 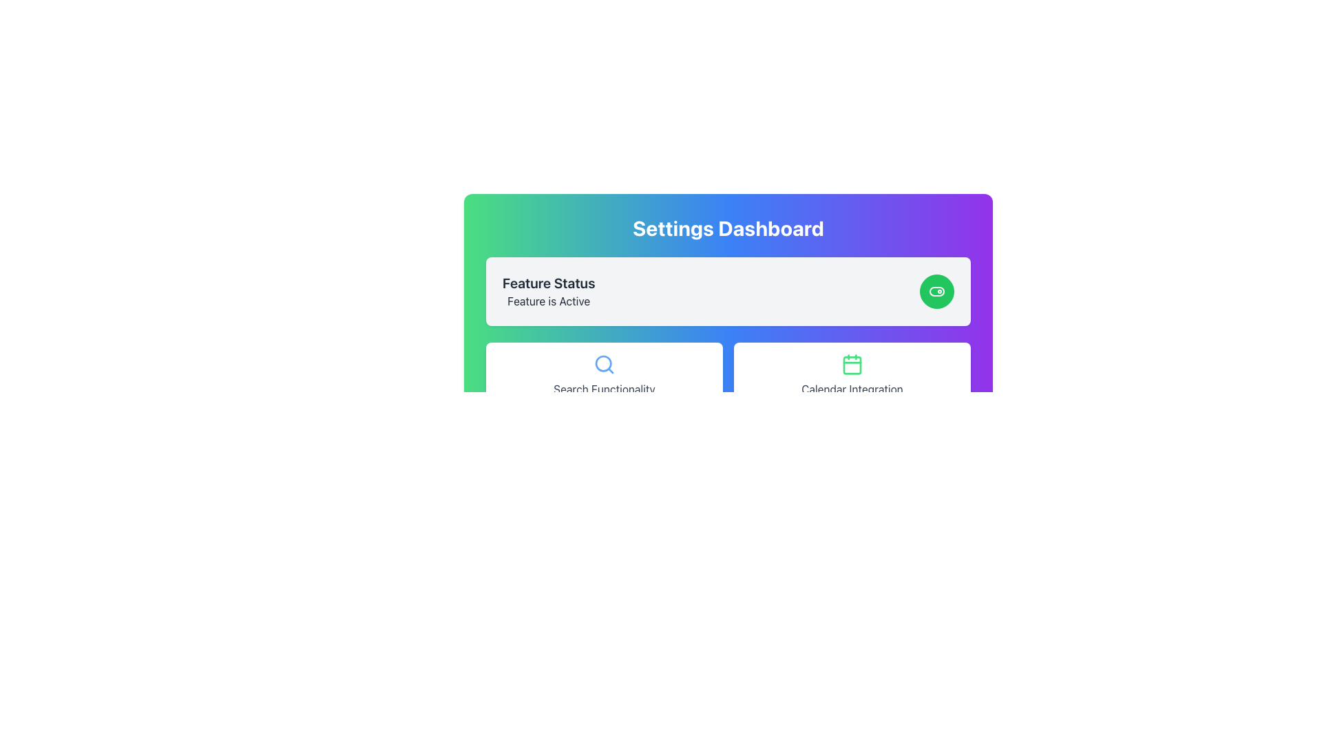 What do you see at coordinates (936, 291) in the screenshot?
I see `the decorative area of the toggle switch, which is styled in green with rounded corners and is aligned with the circular green knob on the right` at bounding box center [936, 291].